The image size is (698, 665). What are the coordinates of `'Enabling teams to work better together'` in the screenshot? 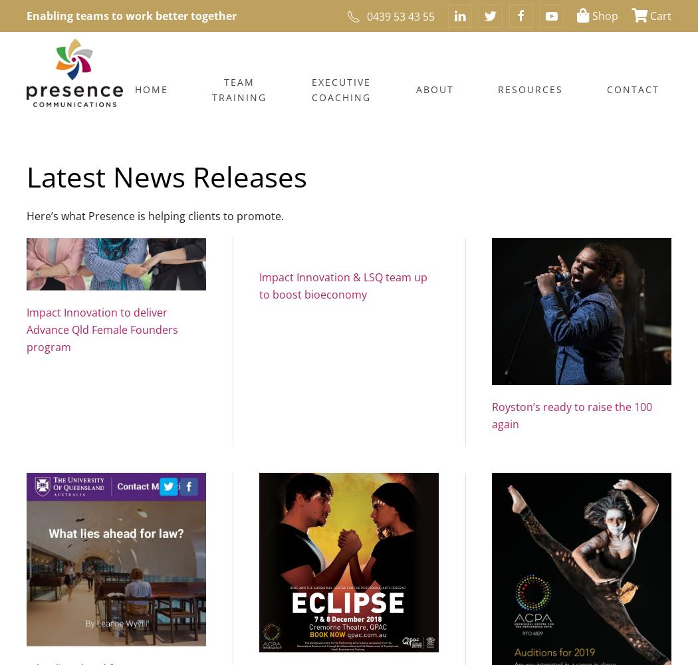 It's located at (131, 16).